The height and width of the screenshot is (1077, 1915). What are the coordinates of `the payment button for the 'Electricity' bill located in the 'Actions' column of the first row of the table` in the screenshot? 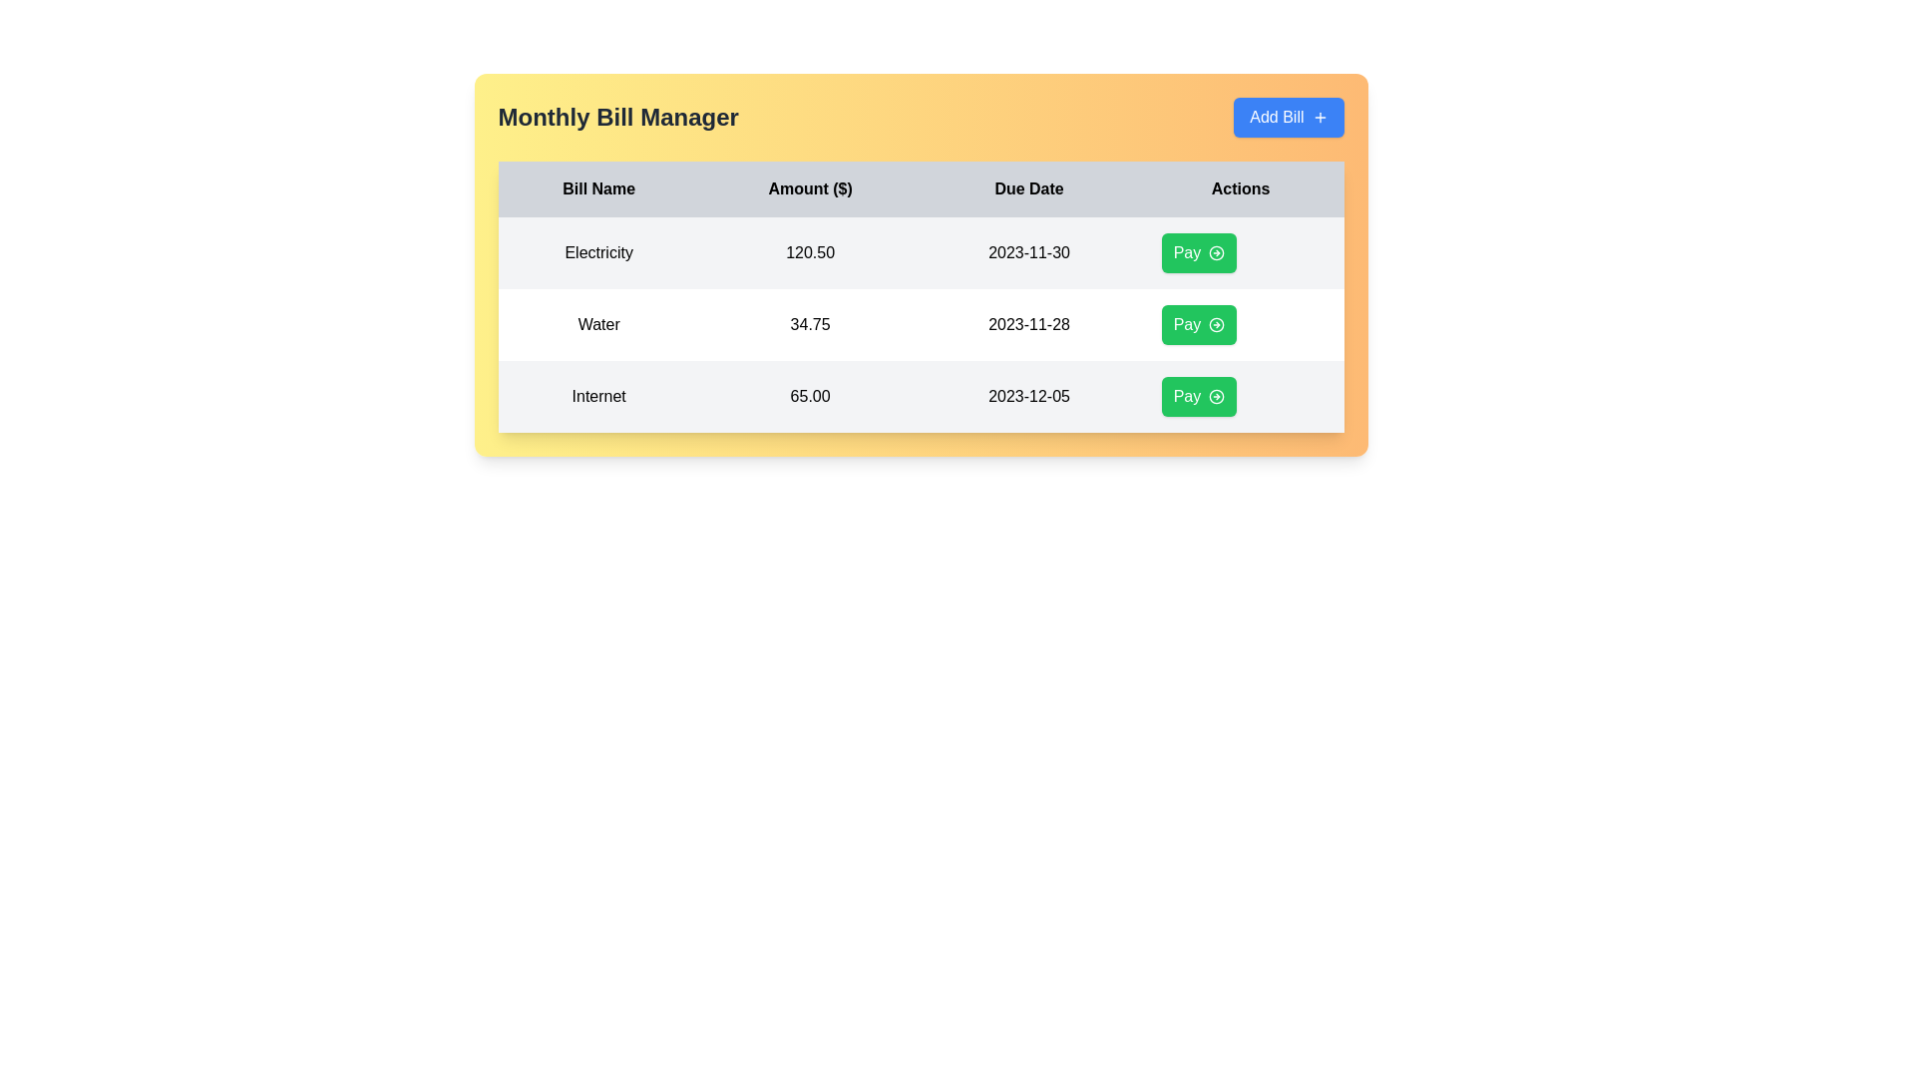 It's located at (1198, 252).